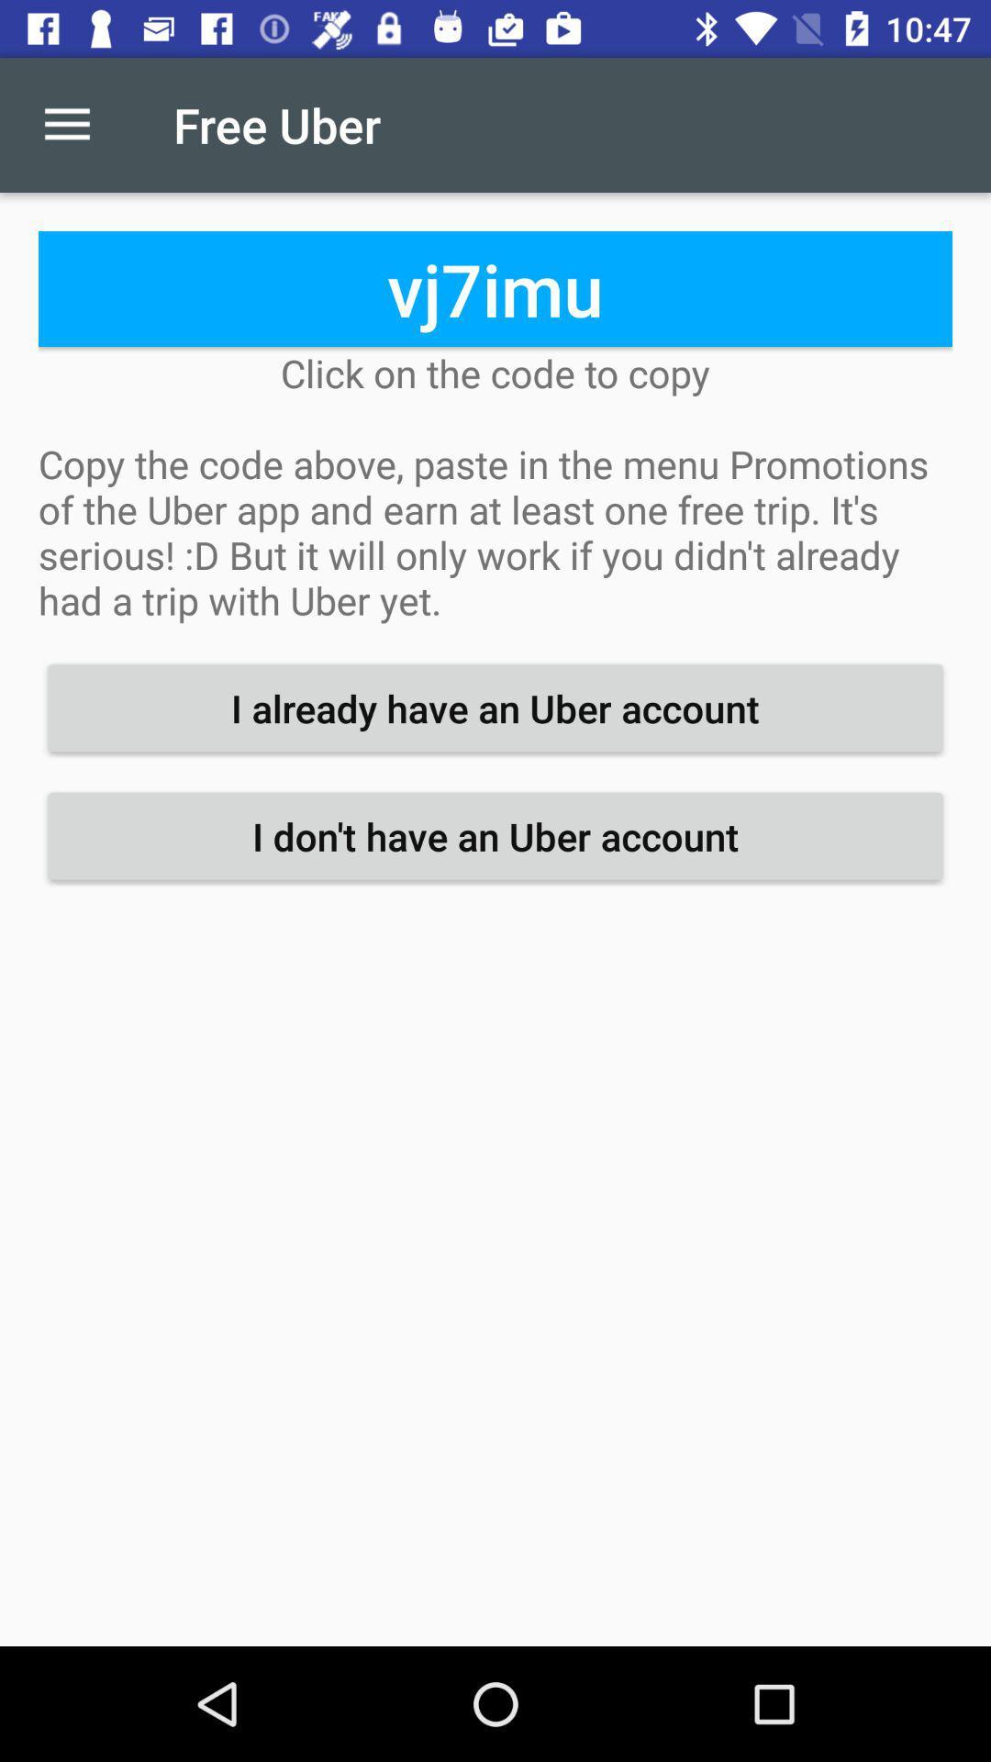 The width and height of the screenshot is (991, 1762). Describe the element at coordinates (66, 124) in the screenshot. I see `item to the left of the free uber item` at that location.